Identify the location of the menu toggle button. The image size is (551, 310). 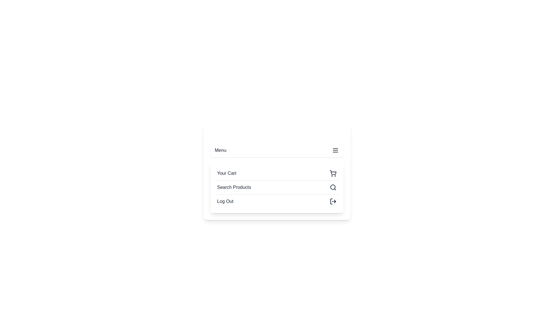
(277, 150).